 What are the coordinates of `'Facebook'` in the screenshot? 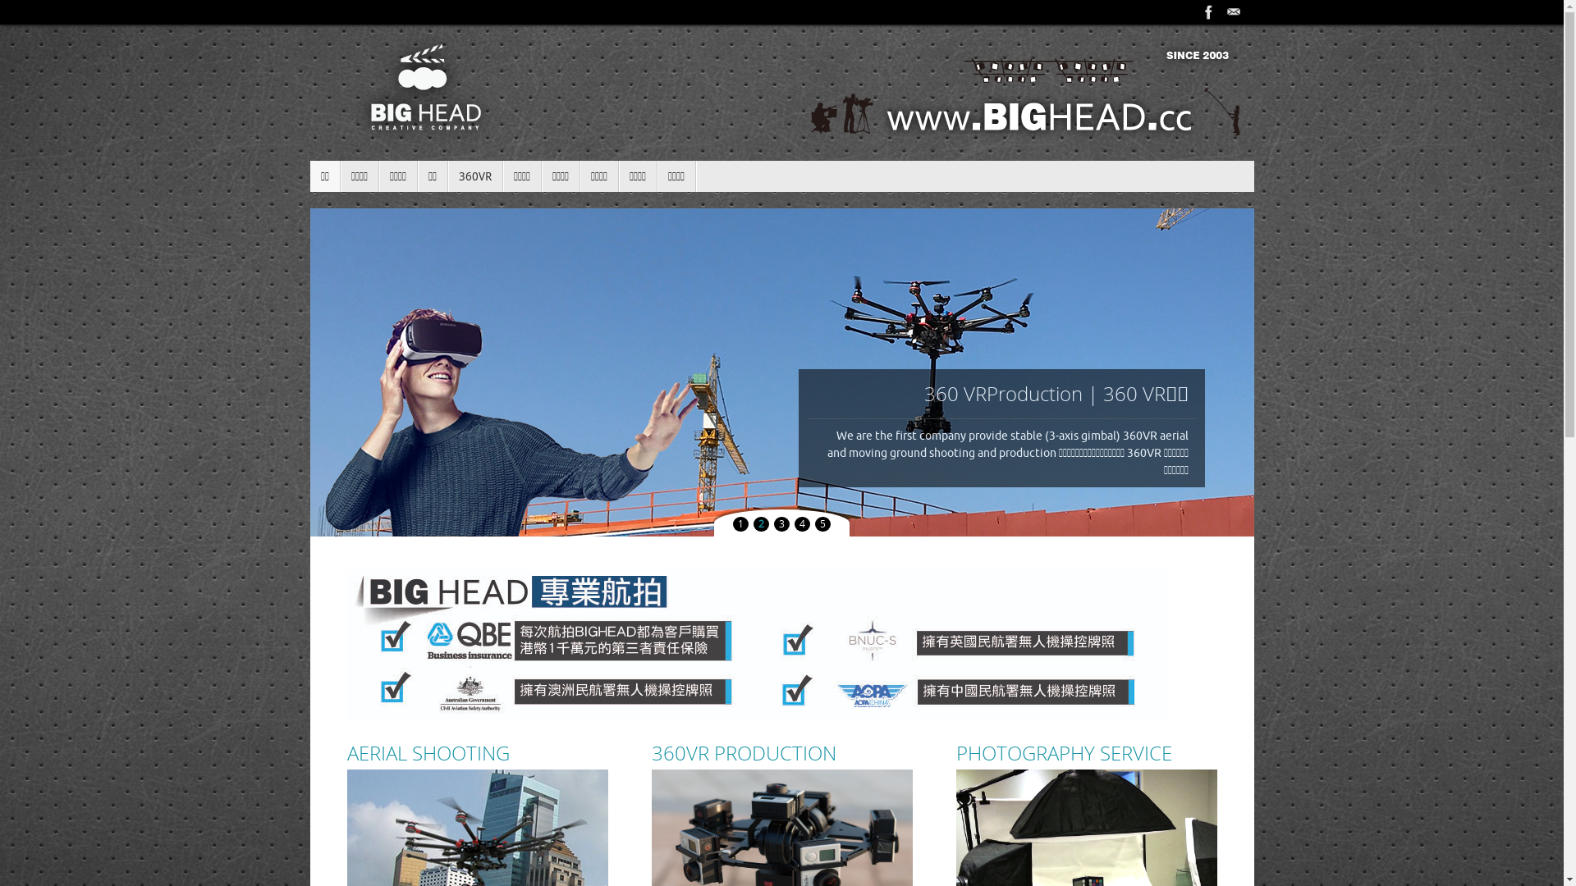 It's located at (1209, 12).